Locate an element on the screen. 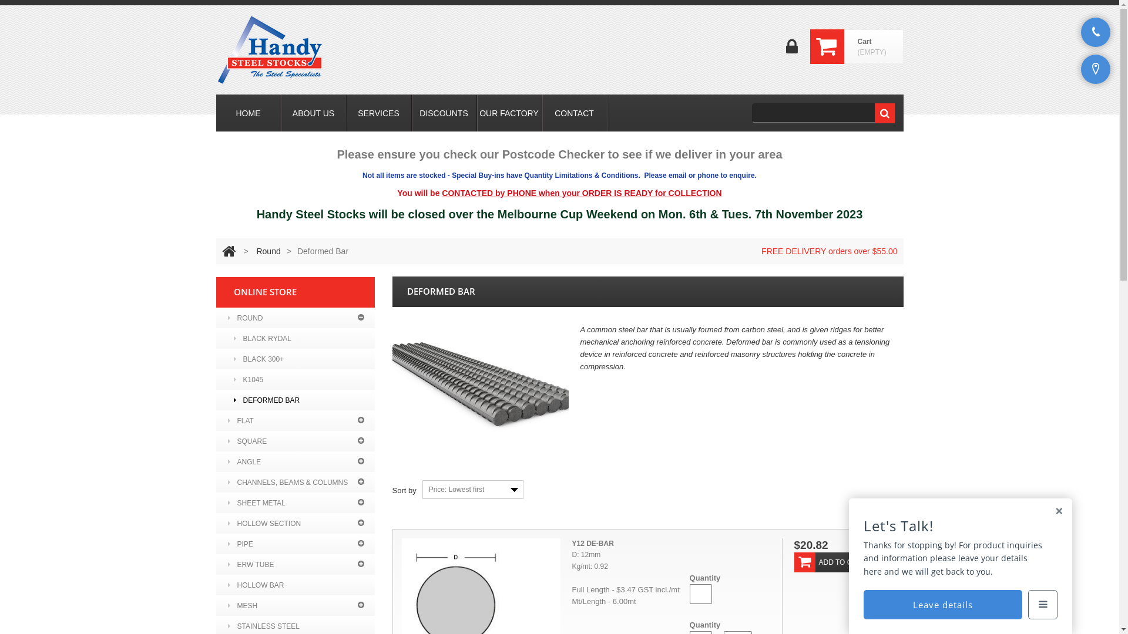 This screenshot has height=634, width=1128. 'Handy Steel Stocks' is located at coordinates (270, 49).